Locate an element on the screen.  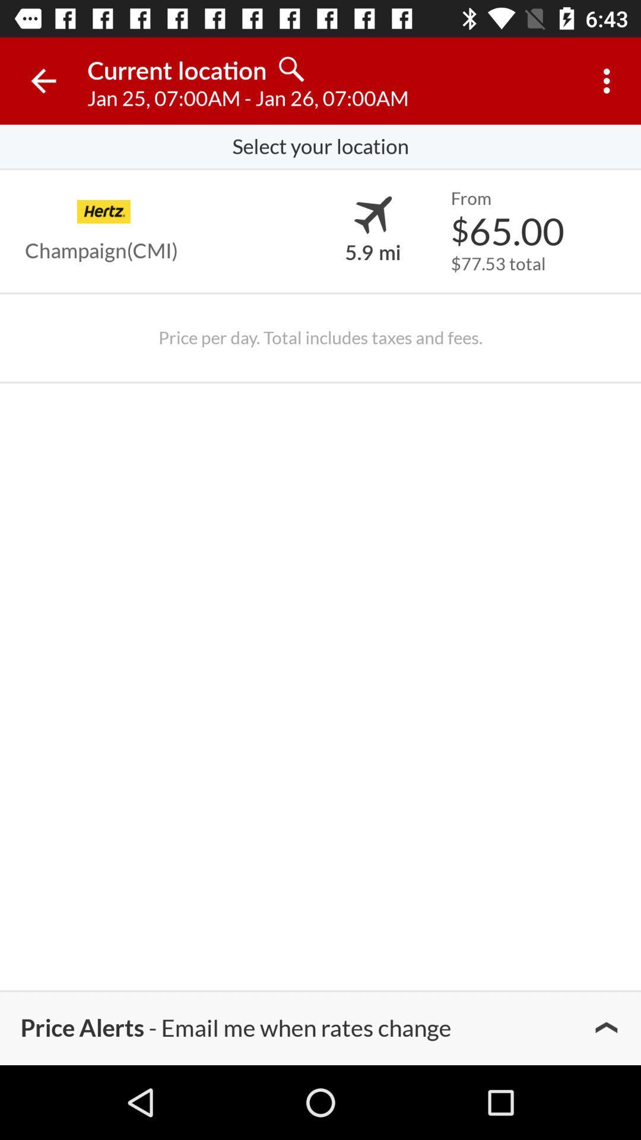
champaign(cmi) is located at coordinates (100, 250).